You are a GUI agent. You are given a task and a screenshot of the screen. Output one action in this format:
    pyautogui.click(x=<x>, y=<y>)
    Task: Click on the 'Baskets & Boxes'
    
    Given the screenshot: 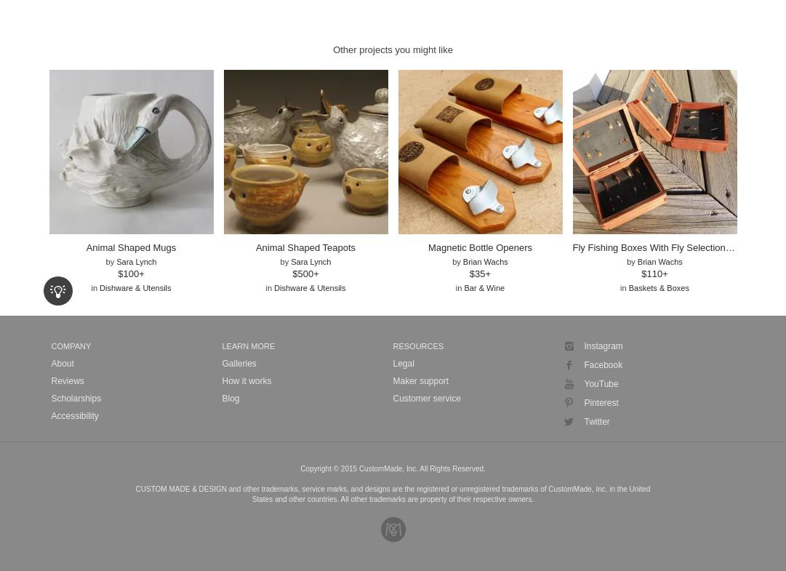 What is the action you would take?
    pyautogui.click(x=658, y=287)
    